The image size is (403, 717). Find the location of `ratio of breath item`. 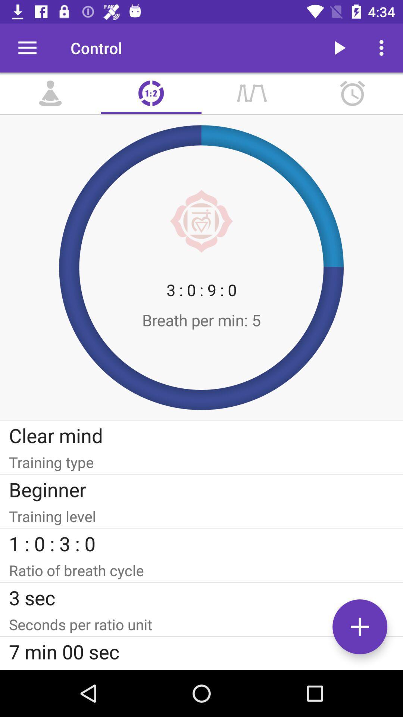

ratio of breath item is located at coordinates (201, 570).